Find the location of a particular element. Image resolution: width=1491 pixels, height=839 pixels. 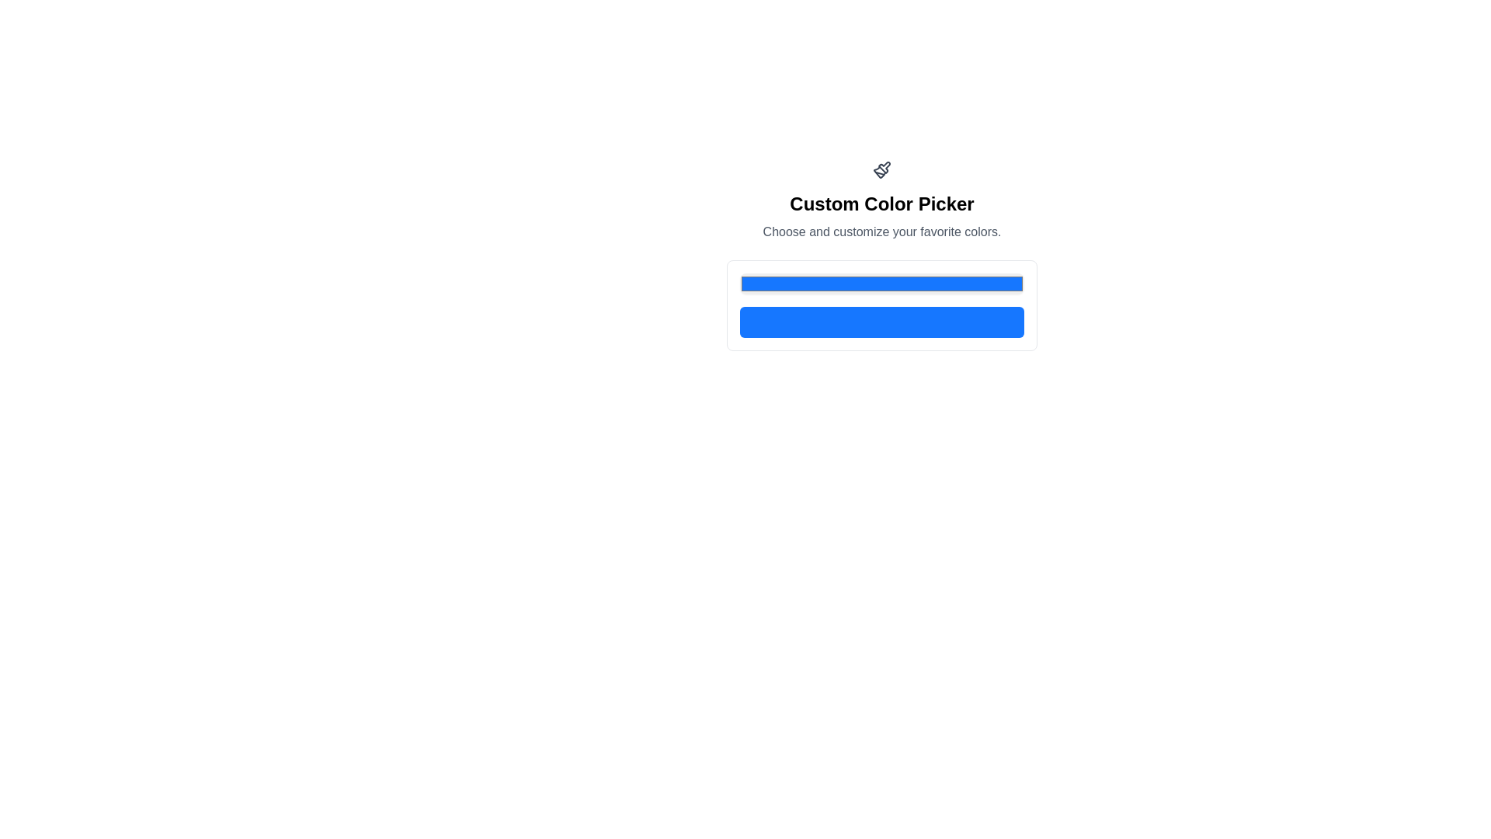

the Header Section titled 'Custom Color Picker', which features a bold heading and a smaller descriptive text below it, positioned centrally above the color input and preview bar is located at coordinates (882, 255).